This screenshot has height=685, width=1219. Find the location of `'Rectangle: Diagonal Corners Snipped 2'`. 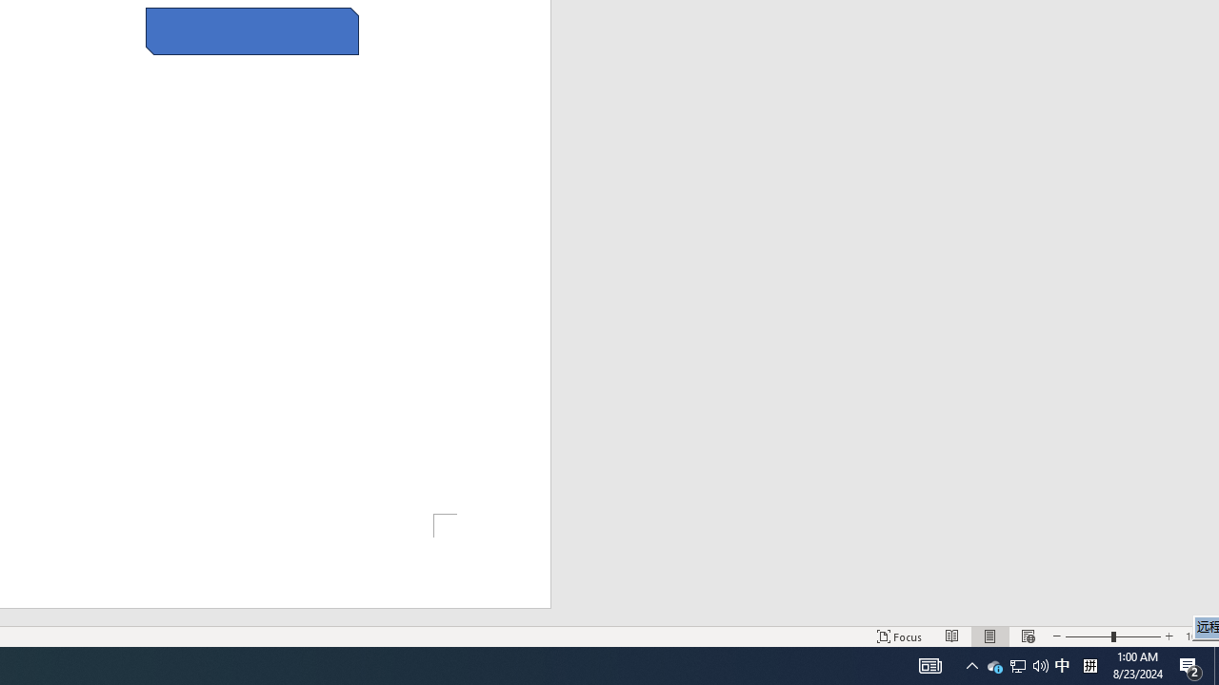

'Rectangle: Diagonal Corners Snipped 2' is located at coordinates (251, 31).